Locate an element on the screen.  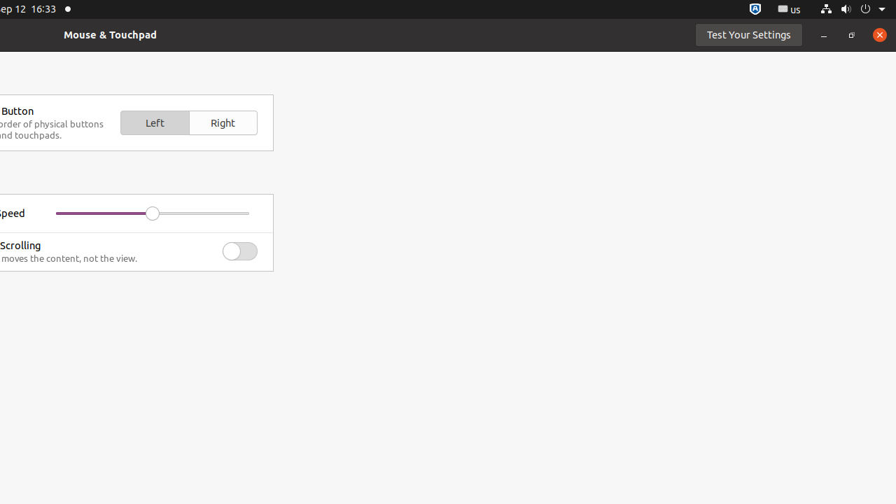
'Left' is located at coordinates (155, 122).